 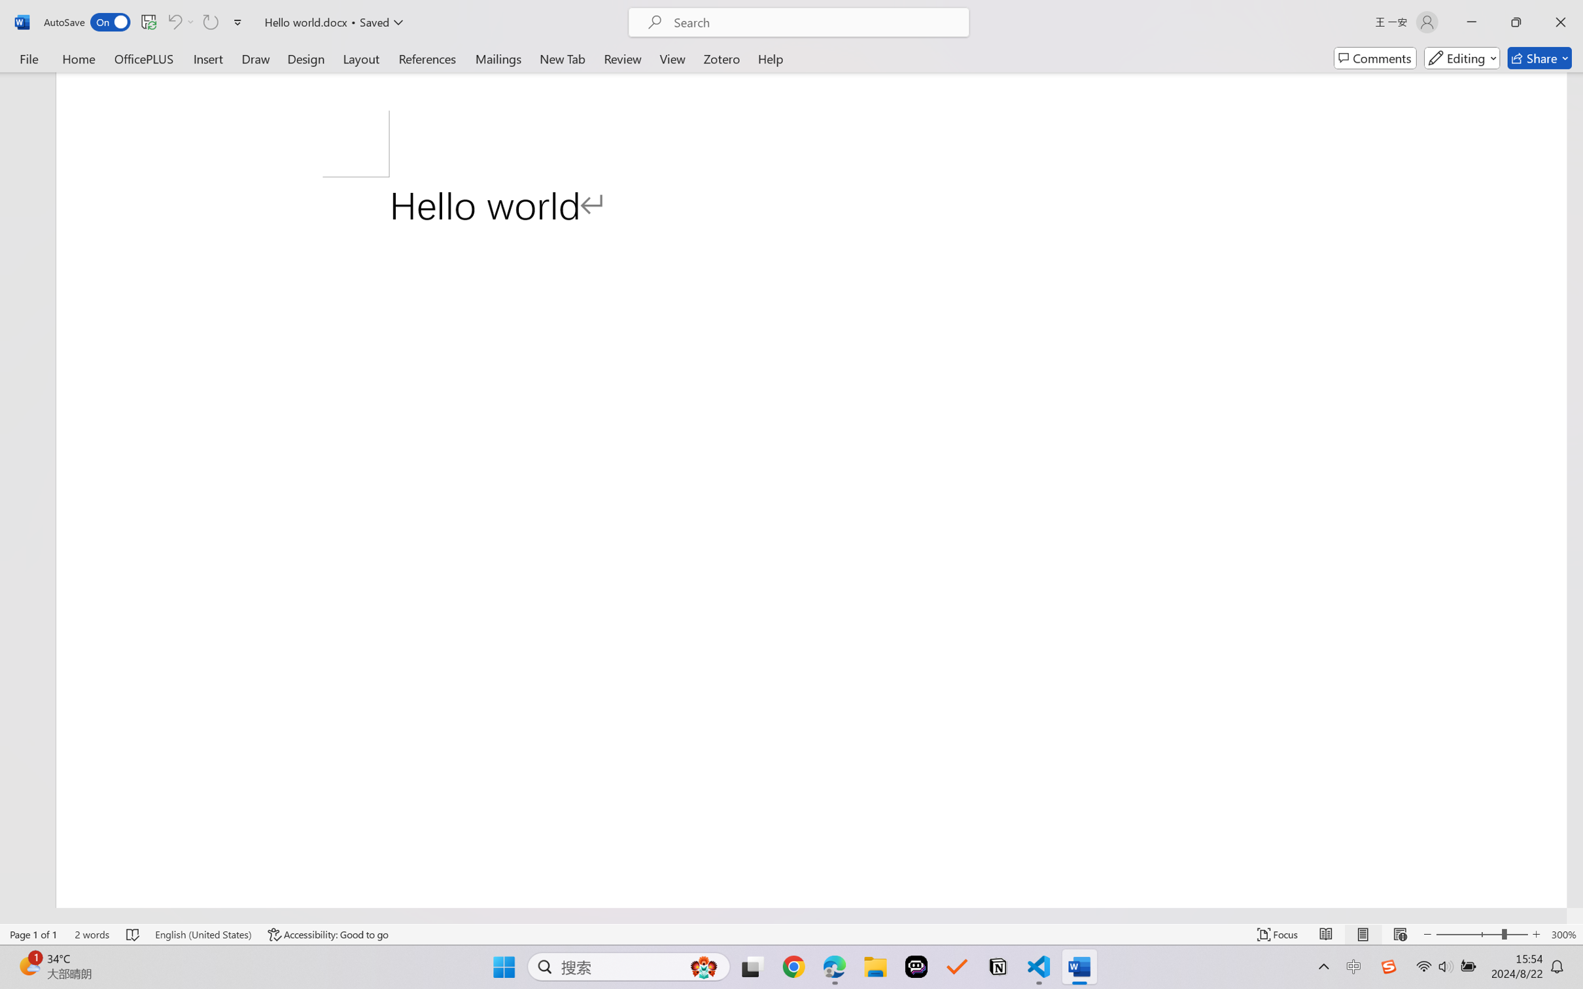 What do you see at coordinates (143, 58) in the screenshot?
I see `'OfficePLUS'` at bounding box center [143, 58].